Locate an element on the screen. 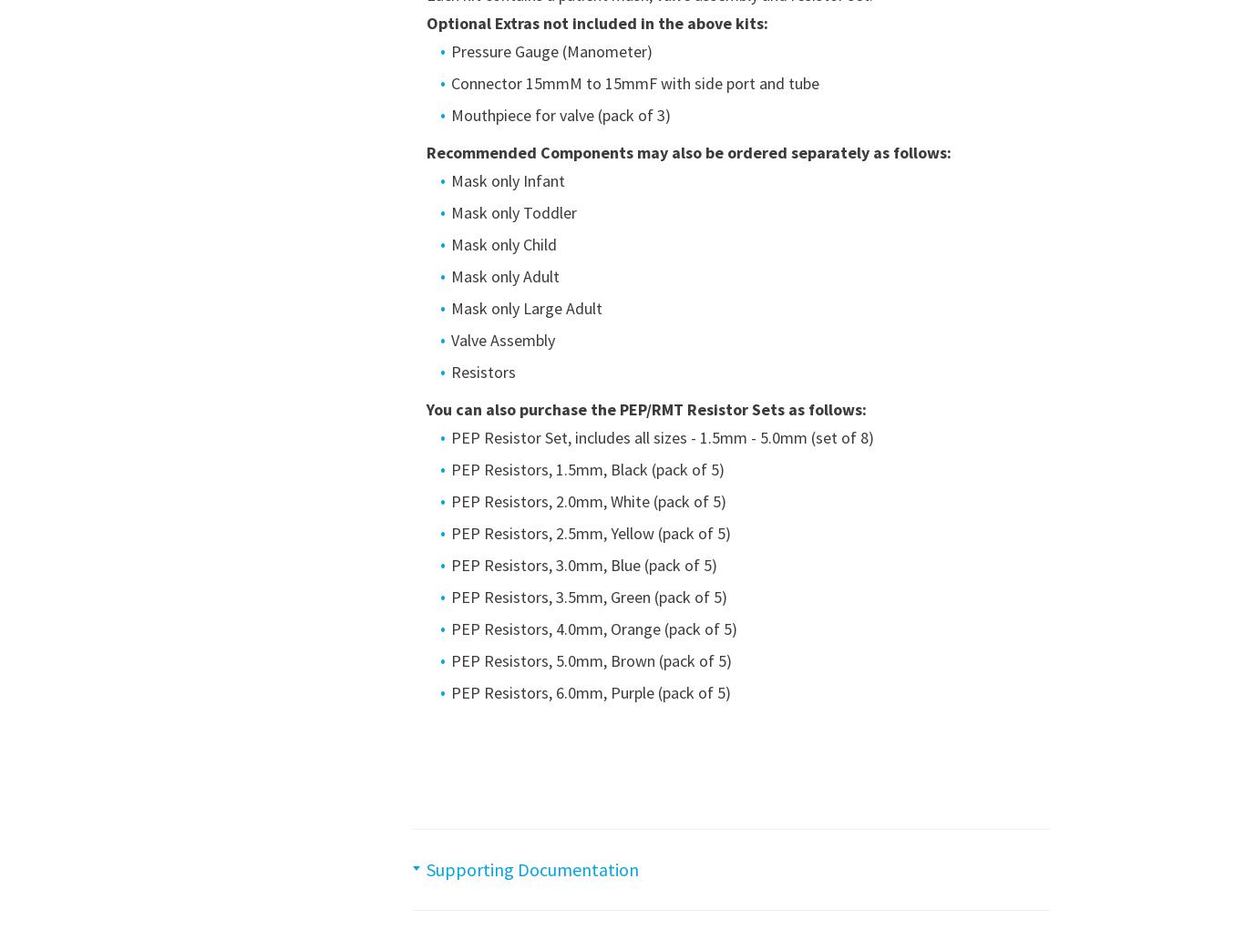 The width and height of the screenshot is (1245, 930). 'PEP Resistors, 2.0mm, White (pack of 5)' is located at coordinates (587, 500).